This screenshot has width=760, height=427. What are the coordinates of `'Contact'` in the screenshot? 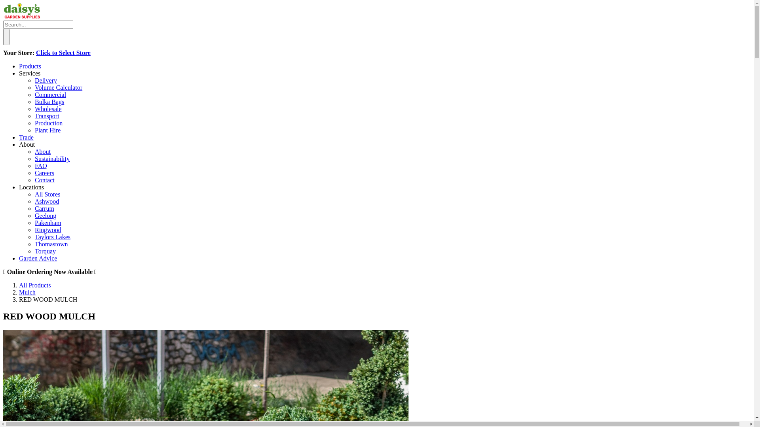 It's located at (44, 180).